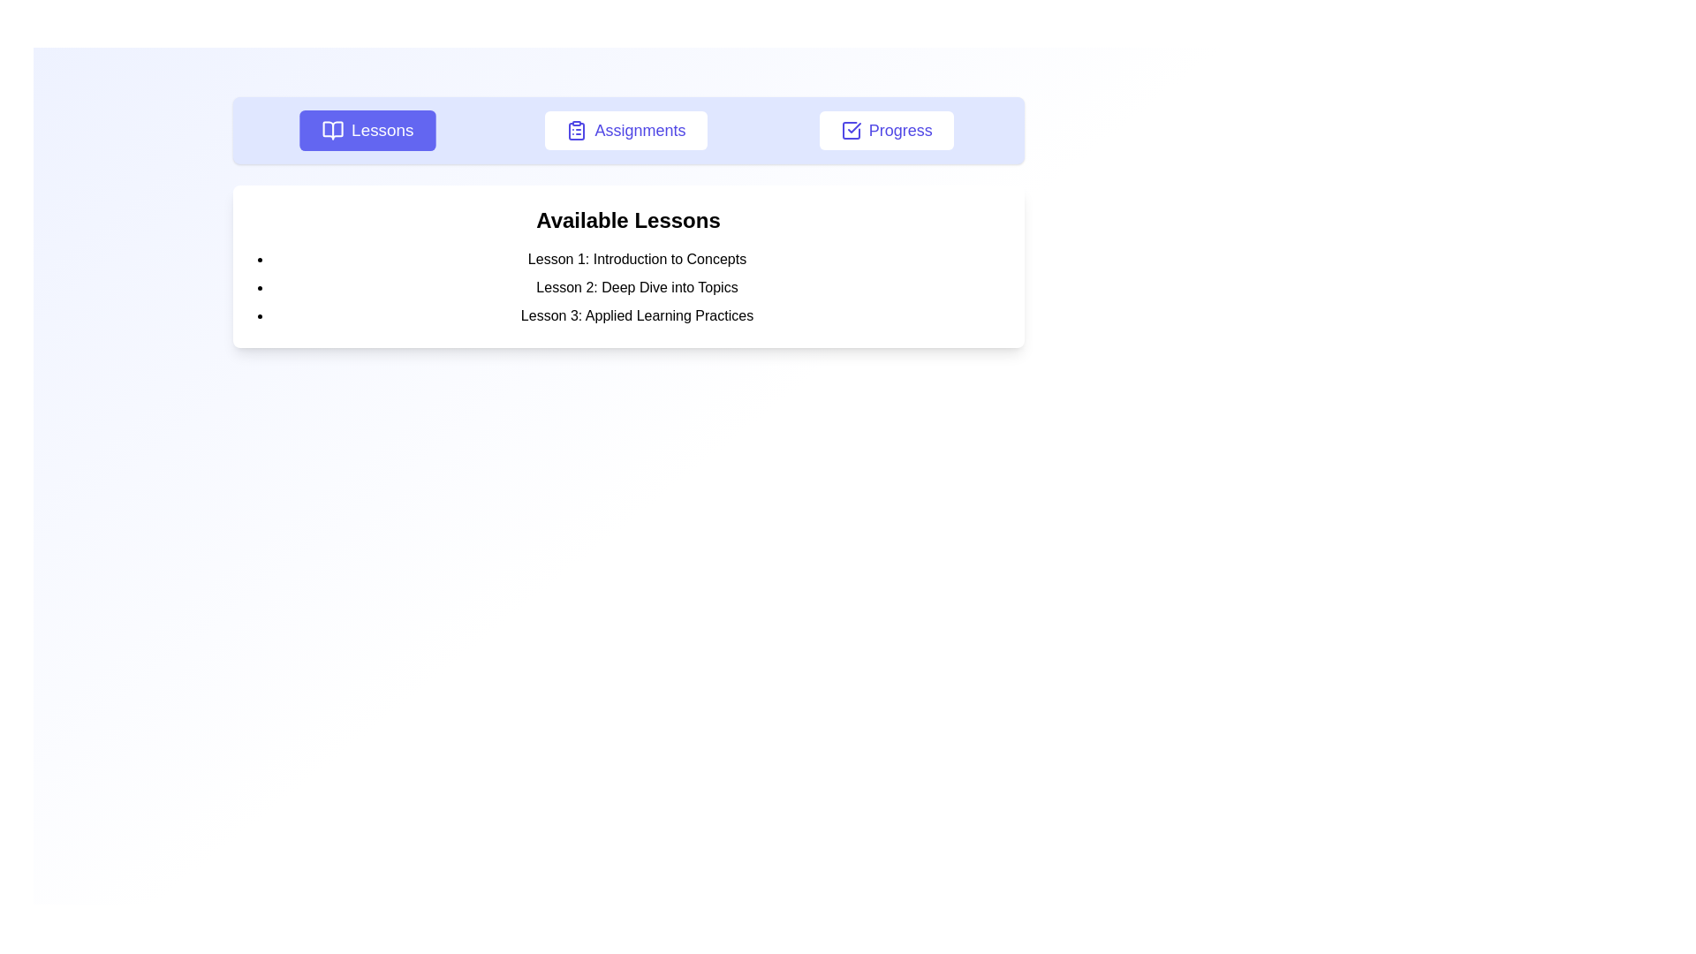  I want to click on the checkmark icon located within the 'Progress' button in the header area of the interface, so click(854, 127).